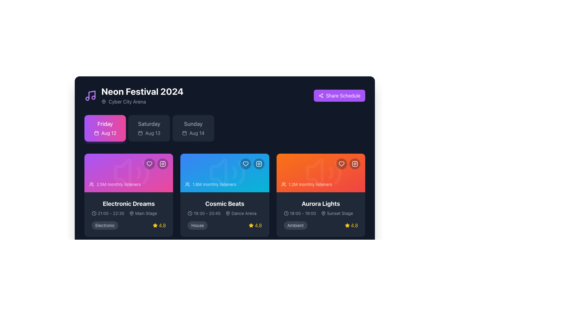 Image resolution: width=581 pixels, height=326 pixels. What do you see at coordinates (149, 164) in the screenshot?
I see `the heart button located in the upper right section of the pink card` at bounding box center [149, 164].